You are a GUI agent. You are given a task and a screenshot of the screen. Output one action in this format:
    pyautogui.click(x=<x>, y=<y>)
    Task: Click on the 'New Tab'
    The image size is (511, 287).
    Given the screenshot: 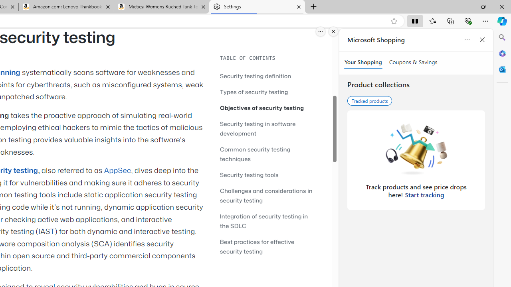 What is the action you would take?
    pyautogui.click(x=313, y=7)
    